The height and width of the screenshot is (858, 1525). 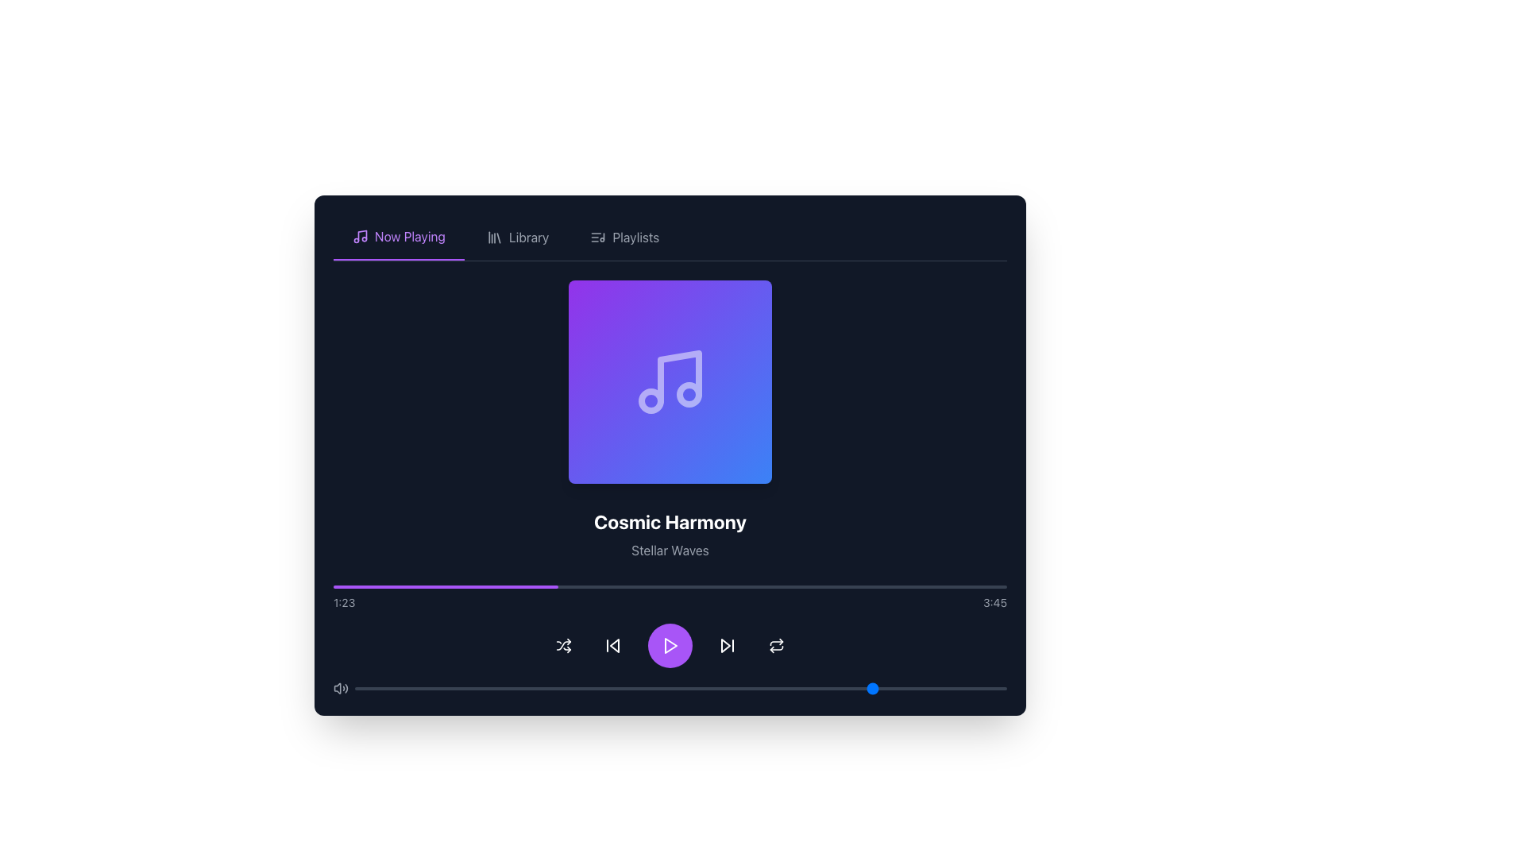 I want to click on the slider, so click(x=601, y=688).